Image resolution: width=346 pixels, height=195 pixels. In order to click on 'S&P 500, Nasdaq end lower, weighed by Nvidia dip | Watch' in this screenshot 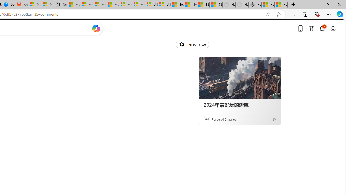, I will do `click(216, 5)`.